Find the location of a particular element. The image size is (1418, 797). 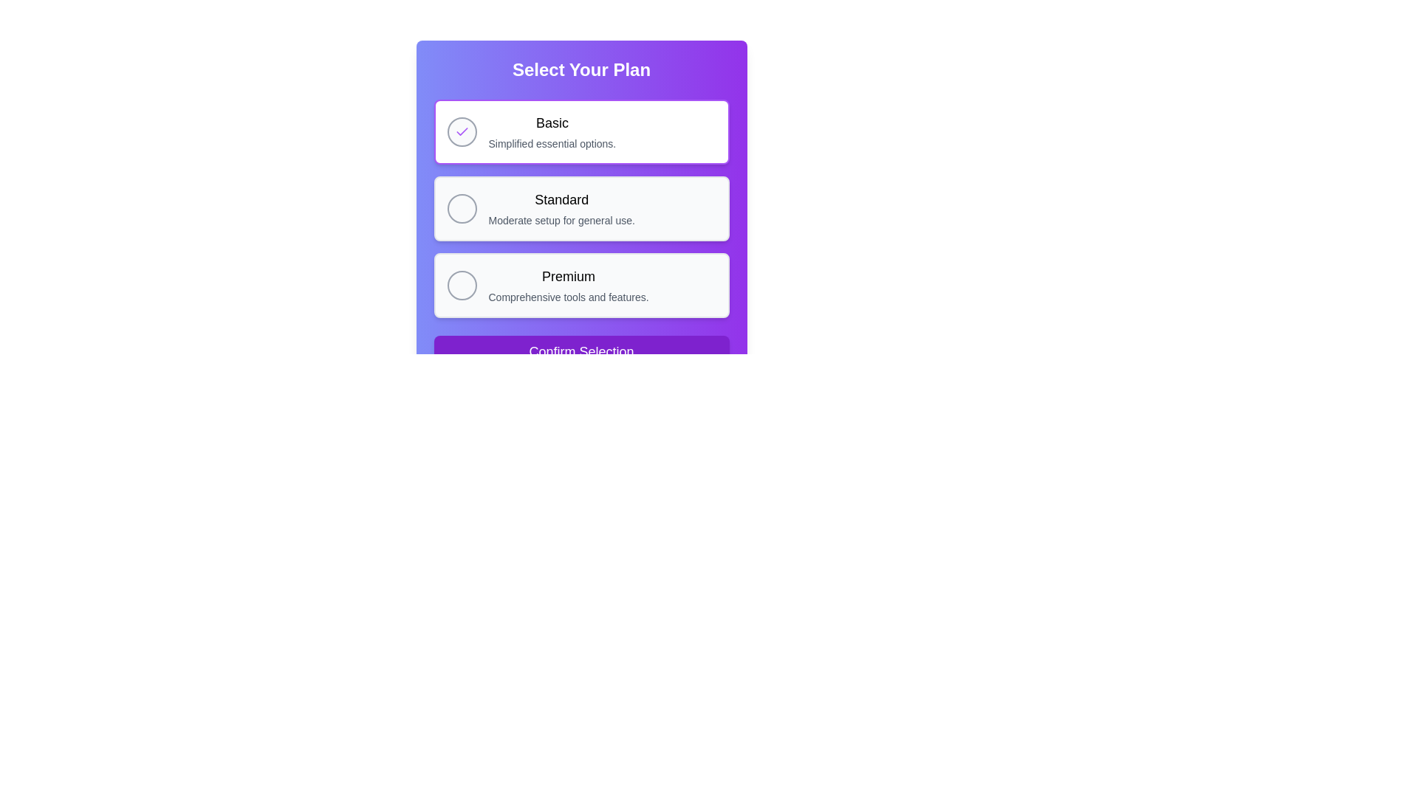

the icon representing the 'Basic' plan option is located at coordinates (461, 131).